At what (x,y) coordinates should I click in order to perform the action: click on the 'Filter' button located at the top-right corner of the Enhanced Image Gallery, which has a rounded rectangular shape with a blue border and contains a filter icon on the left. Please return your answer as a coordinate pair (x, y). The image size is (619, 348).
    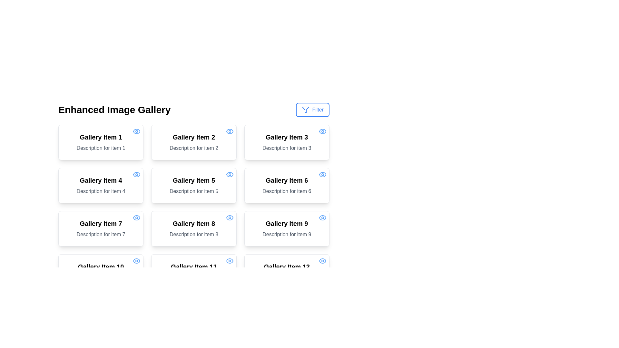
    Looking at the image, I should click on (313, 109).